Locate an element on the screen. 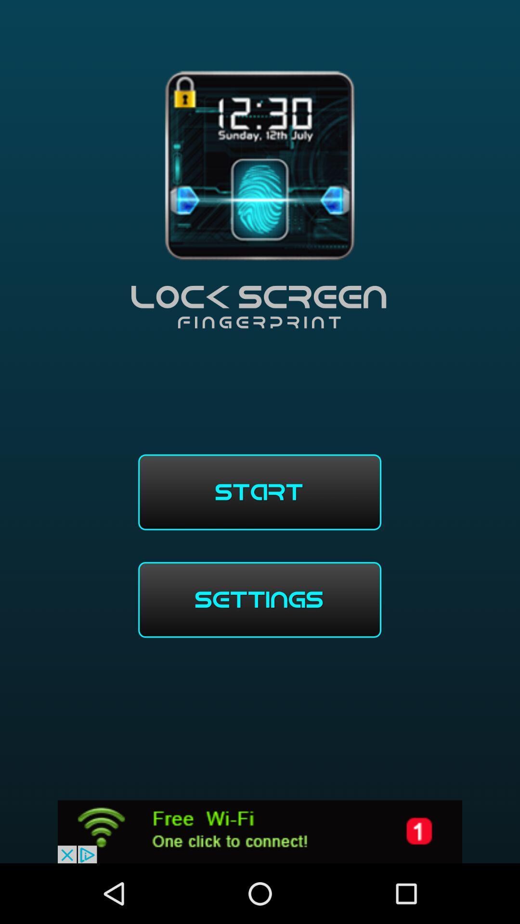 The image size is (520, 924). free wi- fi is located at coordinates (260, 831).